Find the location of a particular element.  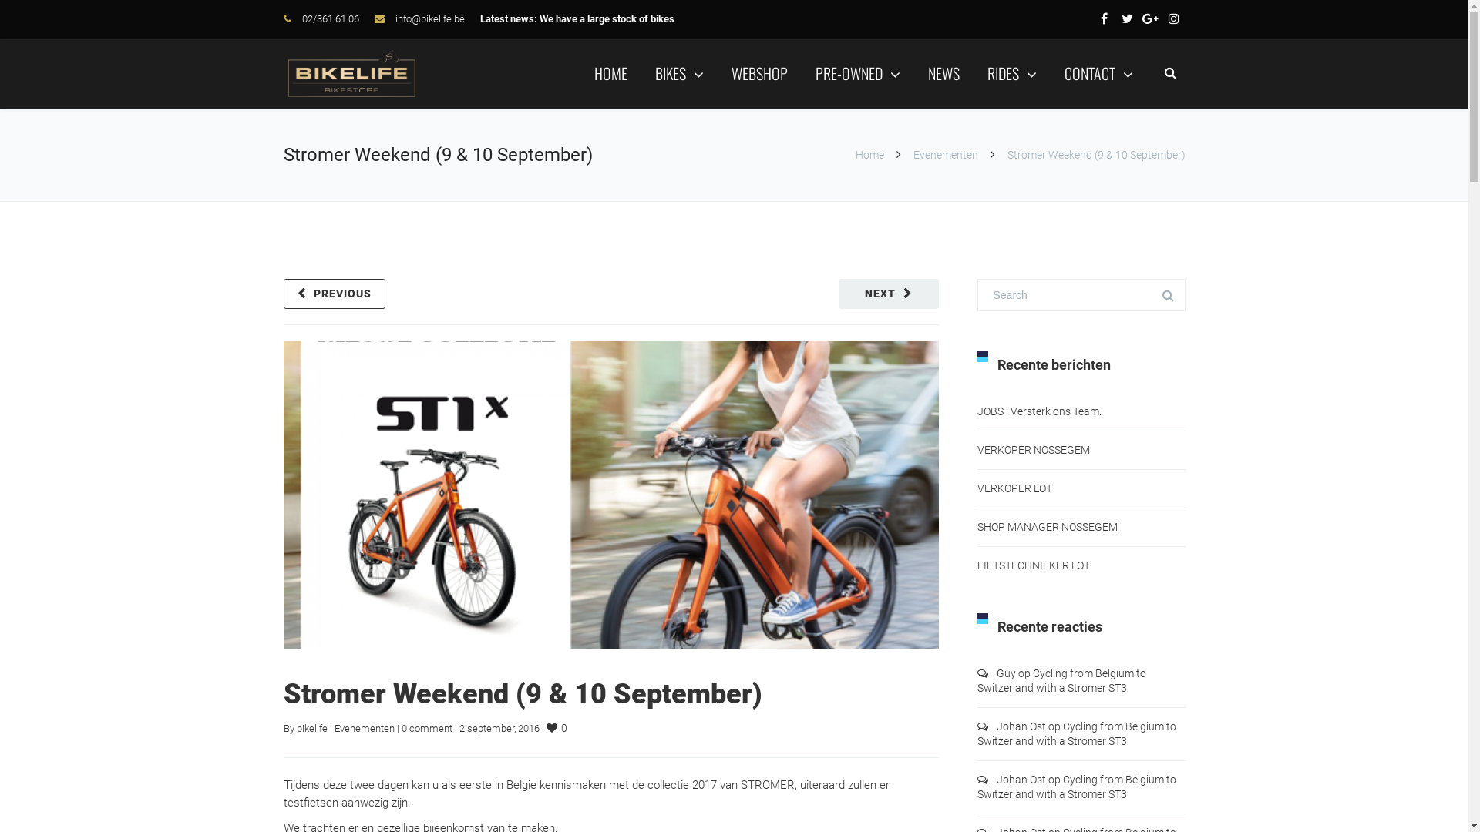

'FIETSTECHNIEKER LOT' is located at coordinates (976, 565).